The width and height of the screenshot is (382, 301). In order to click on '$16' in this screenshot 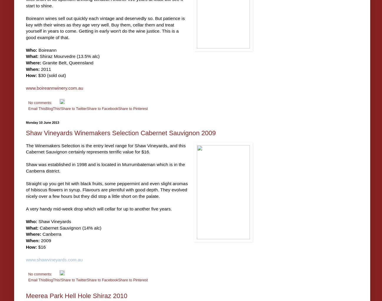, I will do `click(41, 246)`.